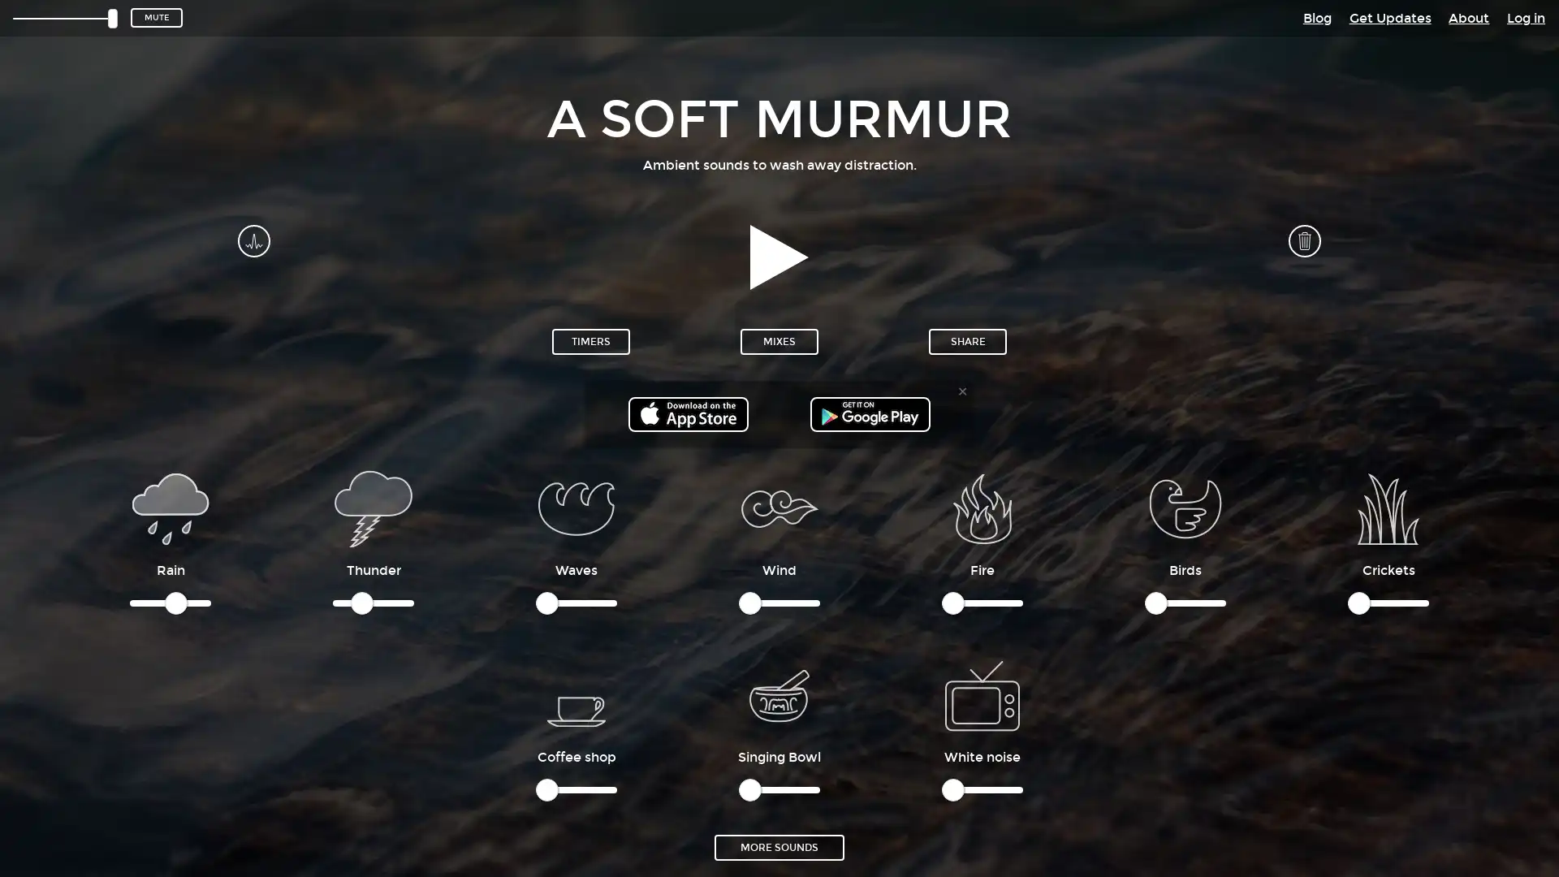 The height and width of the screenshot is (877, 1559). What do you see at coordinates (577, 507) in the screenshot?
I see `Loading icon` at bounding box center [577, 507].